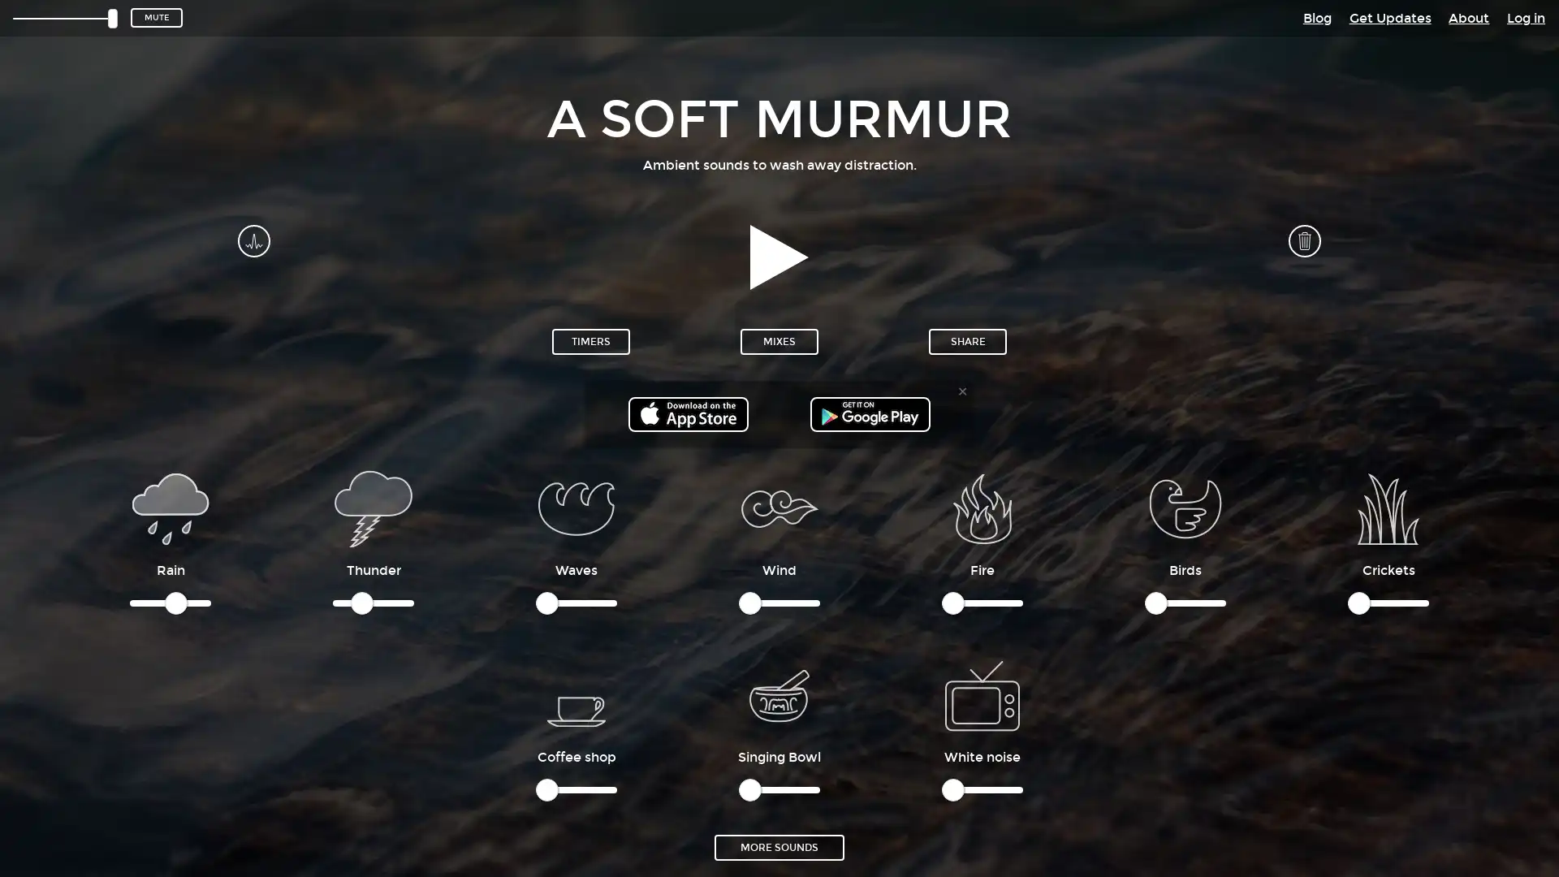 The height and width of the screenshot is (877, 1559). What do you see at coordinates (577, 507) in the screenshot?
I see `Loading icon` at bounding box center [577, 507].